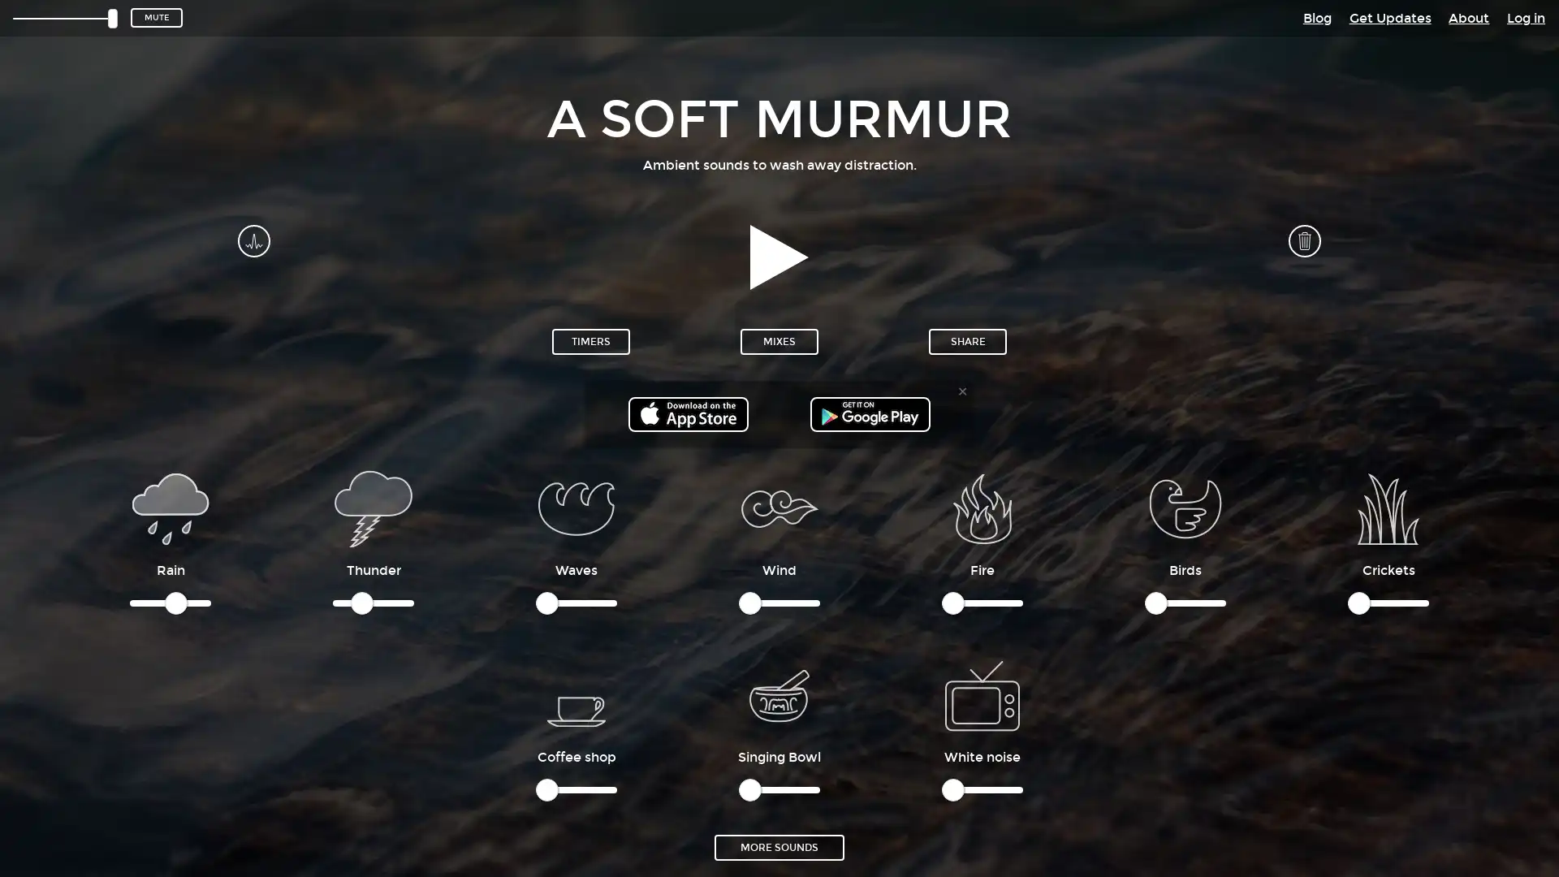 The height and width of the screenshot is (877, 1559). What do you see at coordinates (577, 507) in the screenshot?
I see `Loading icon` at bounding box center [577, 507].